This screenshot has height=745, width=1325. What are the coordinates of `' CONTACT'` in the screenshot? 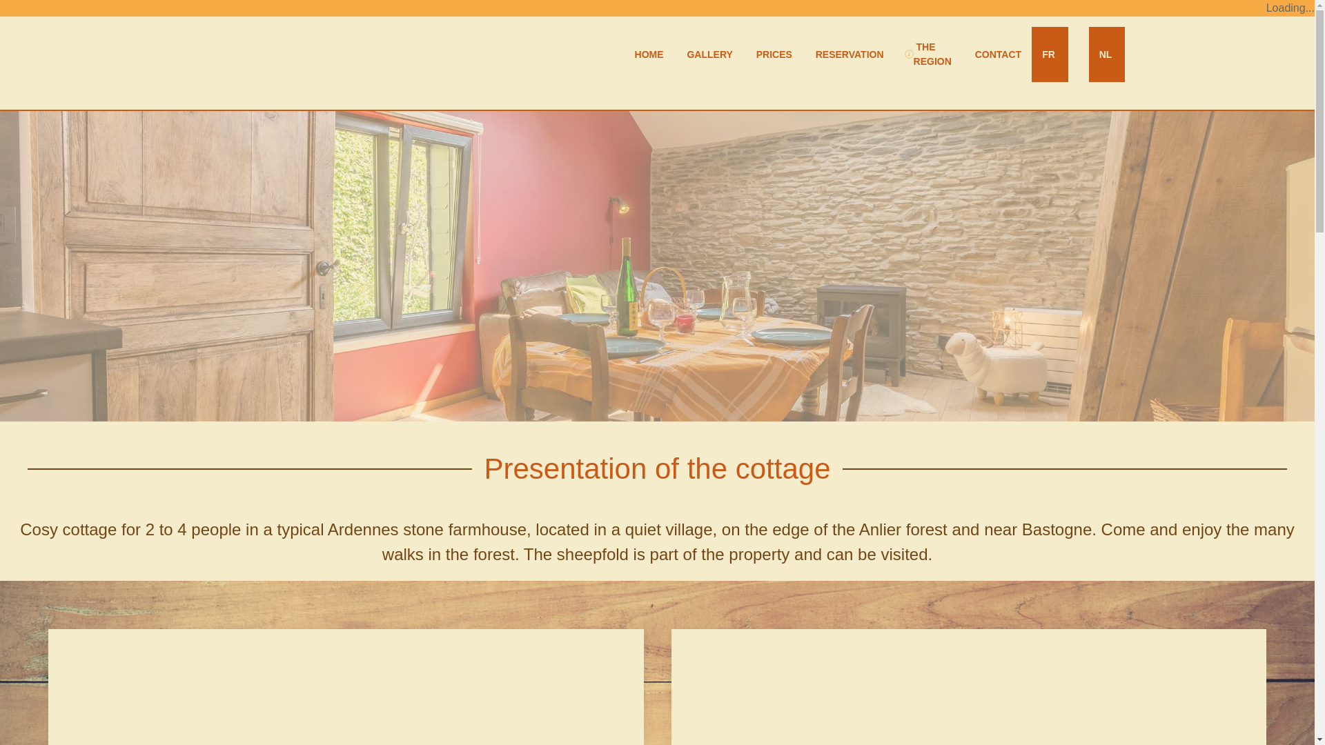 It's located at (997, 53).